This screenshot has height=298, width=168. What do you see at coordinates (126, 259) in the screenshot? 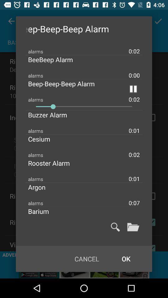
I see `ok` at bounding box center [126, 259].